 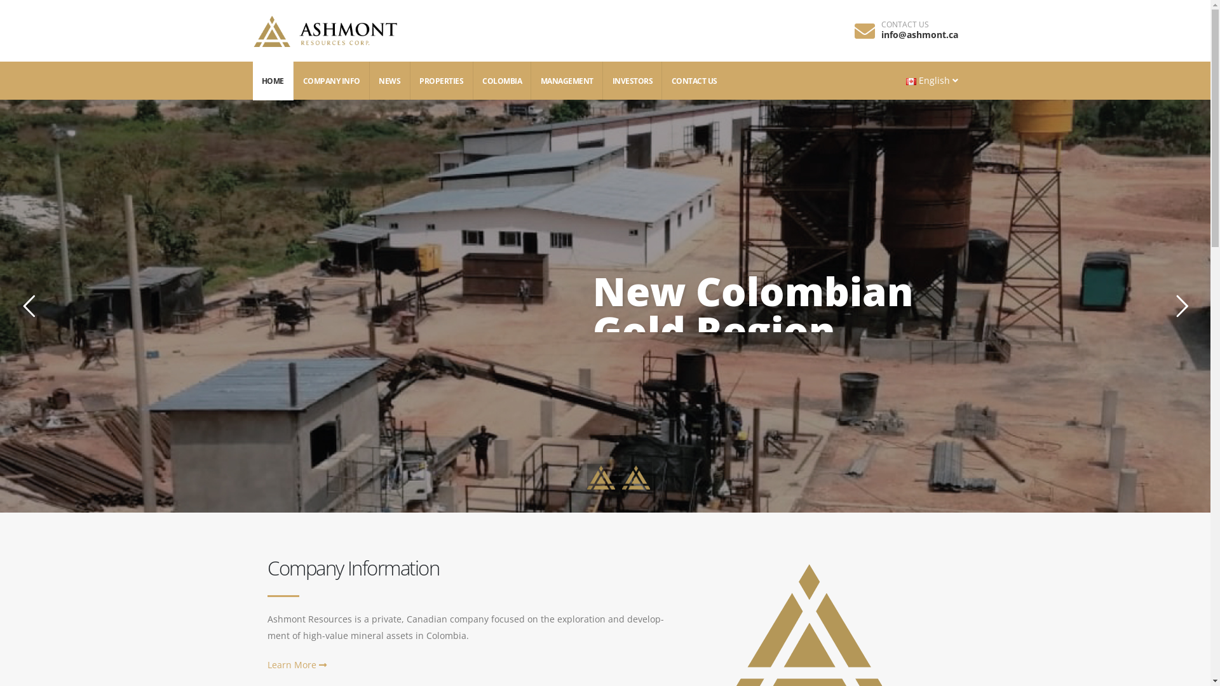 I want to click on 'INVESTORS', so click(x=632, y=81).